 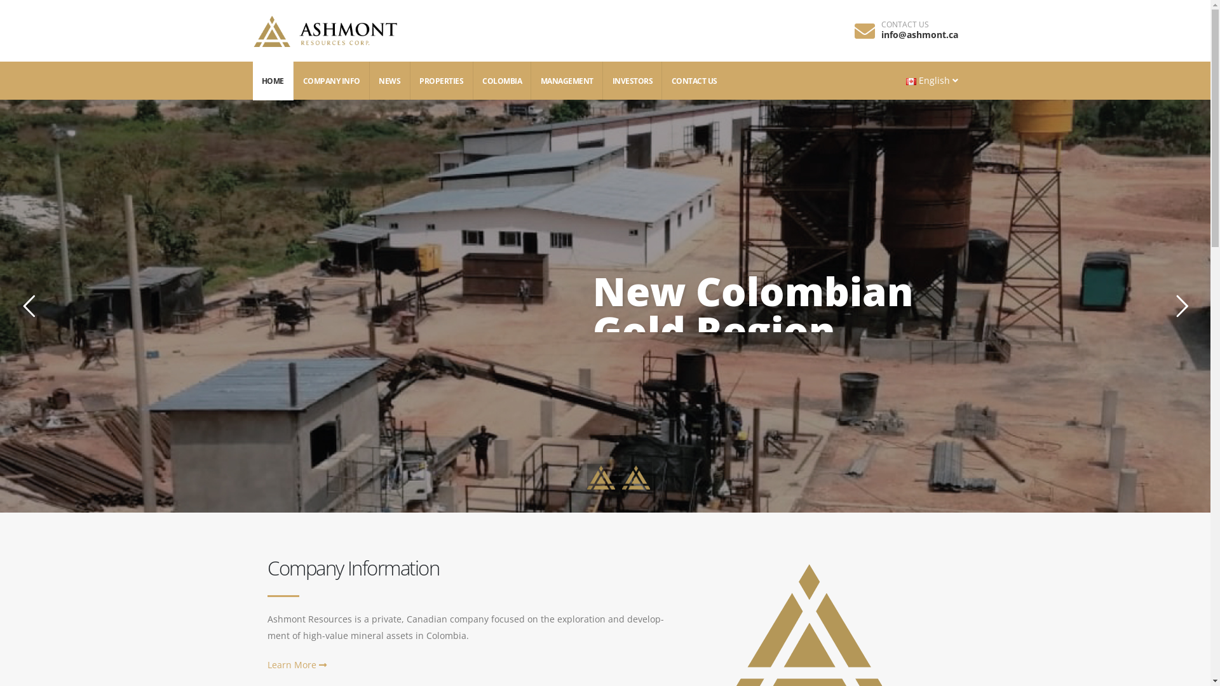 I want to click on 'INVESTORS', so click(x=632, y=81).